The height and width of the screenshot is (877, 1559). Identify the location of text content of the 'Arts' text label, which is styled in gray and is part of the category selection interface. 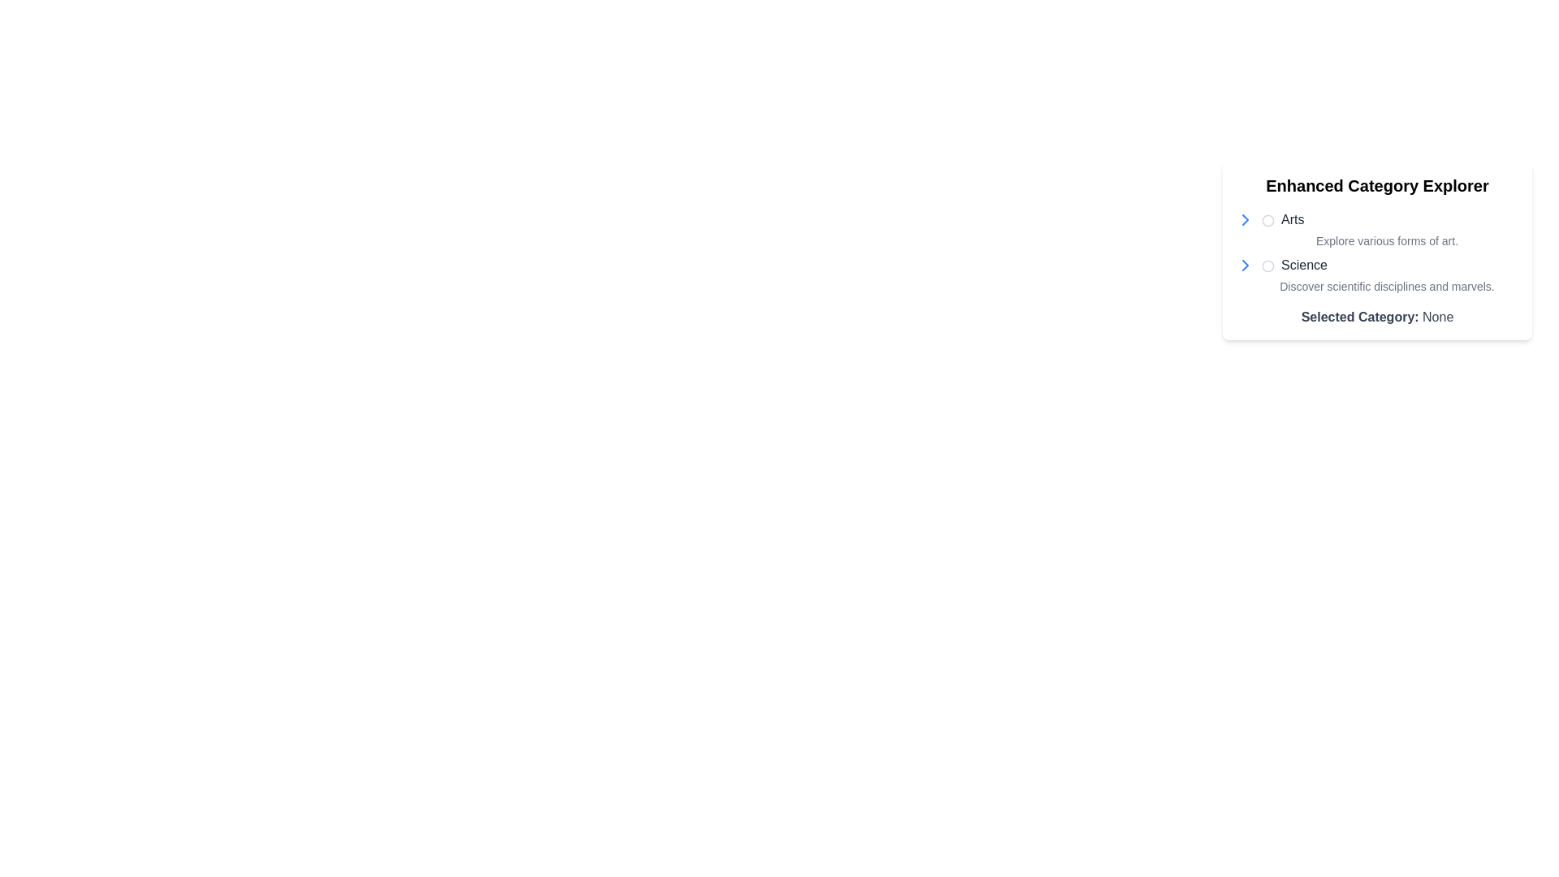
(1292, 219).